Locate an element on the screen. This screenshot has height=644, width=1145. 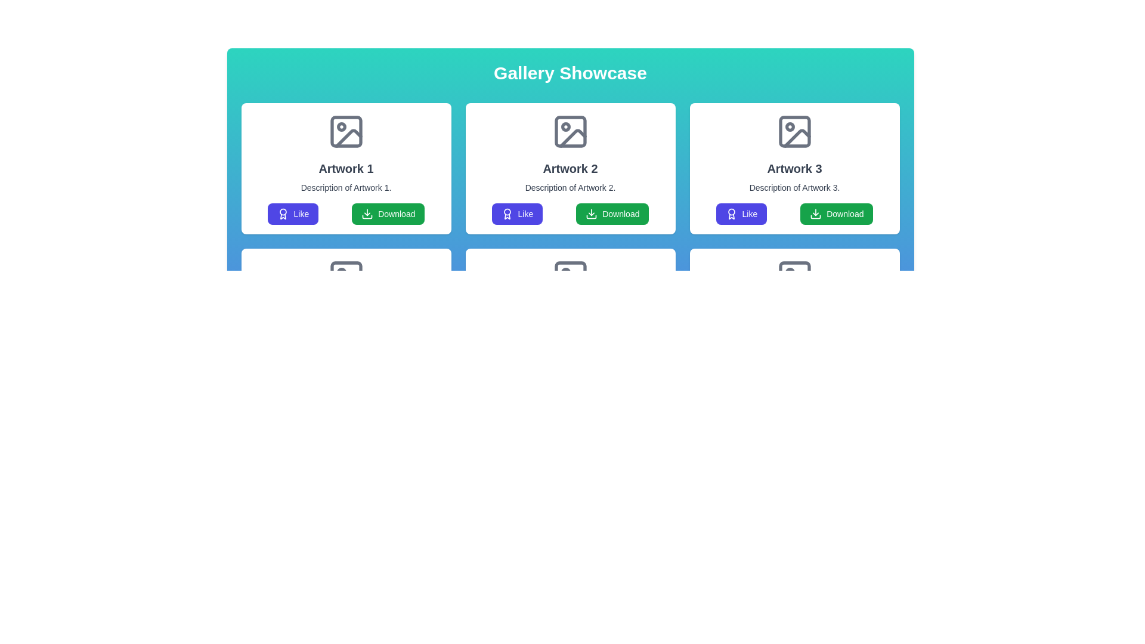
the decorative graphic component located in the top-left corner of the gallery card labeled 'Artwork 1' is located at coordinates (345, 131).